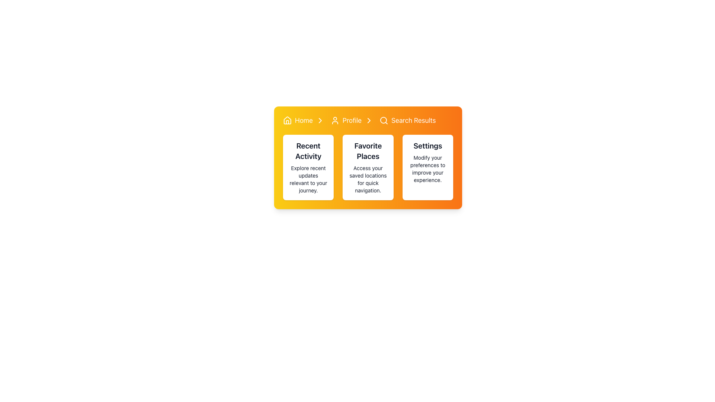 The image size is (715, 402). Describe the element at coordinates (304, 120) in the screenshot. I see `the 'Home' hyperlink in the navigation bar` at that location.